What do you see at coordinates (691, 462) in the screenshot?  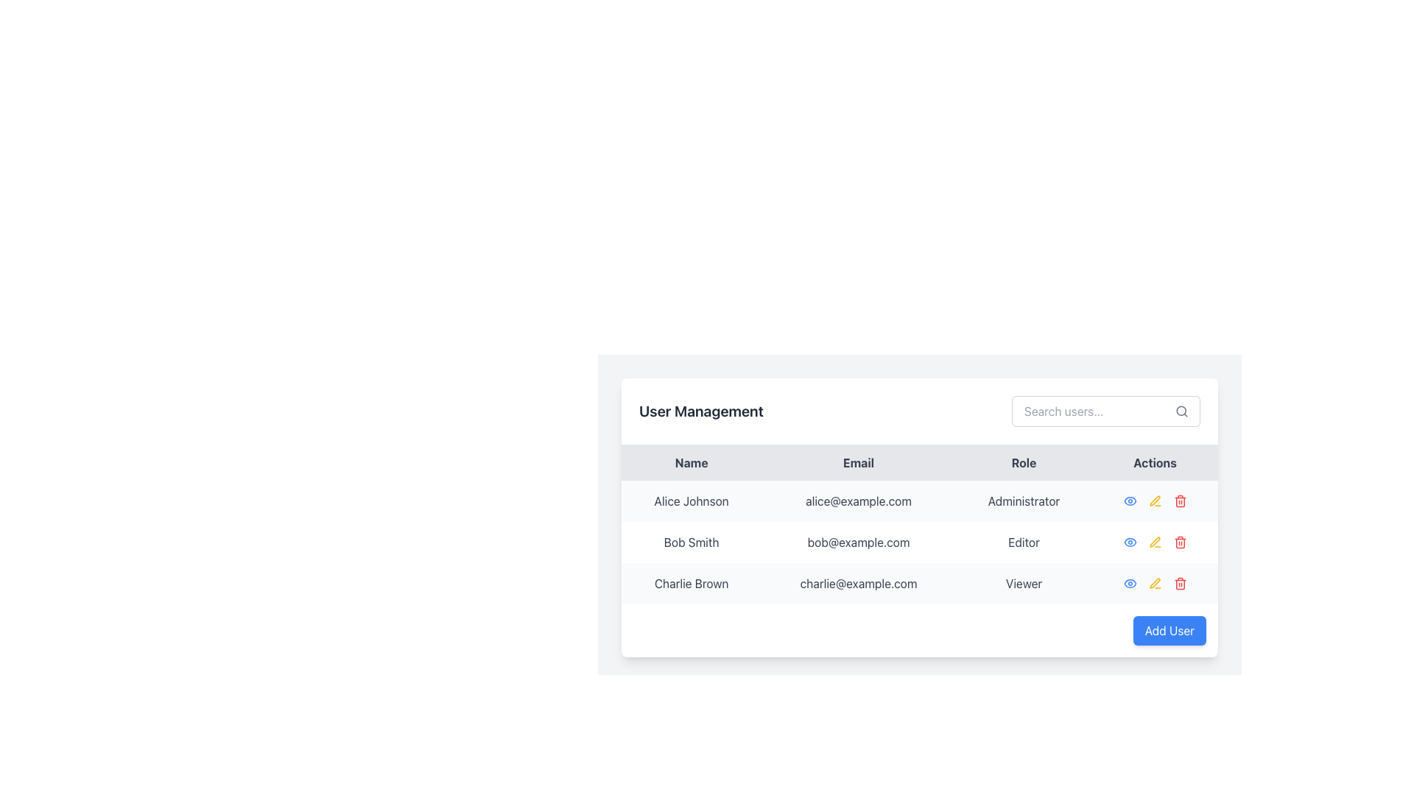 I see `the 'User Names' column header in the User Management table, which is the first column header located in the top-left section of the table` at bounding box center [691, 462].